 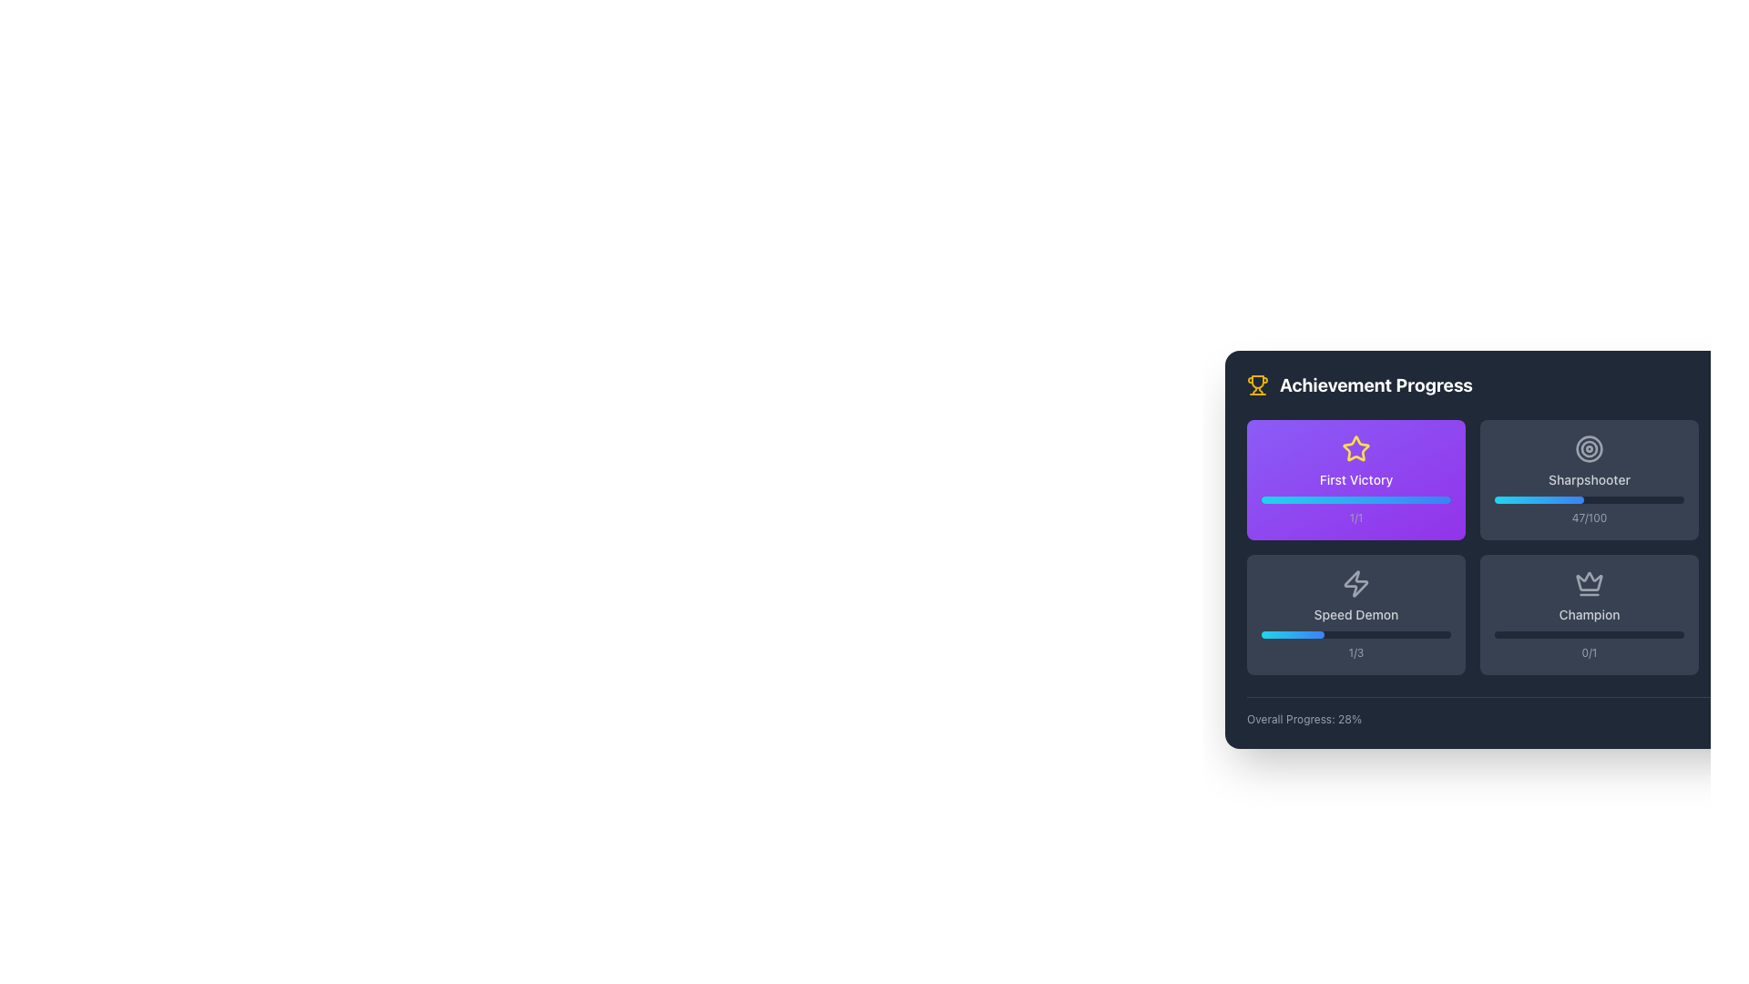 What do you see at coordinates (1589, 615) in the screenshot?
I see `the Achievement Progress Indicator that displays the progression status for the 'Champion' achievement, located in the bottom-right corner of the grid` at bounding box center [1589, 615].